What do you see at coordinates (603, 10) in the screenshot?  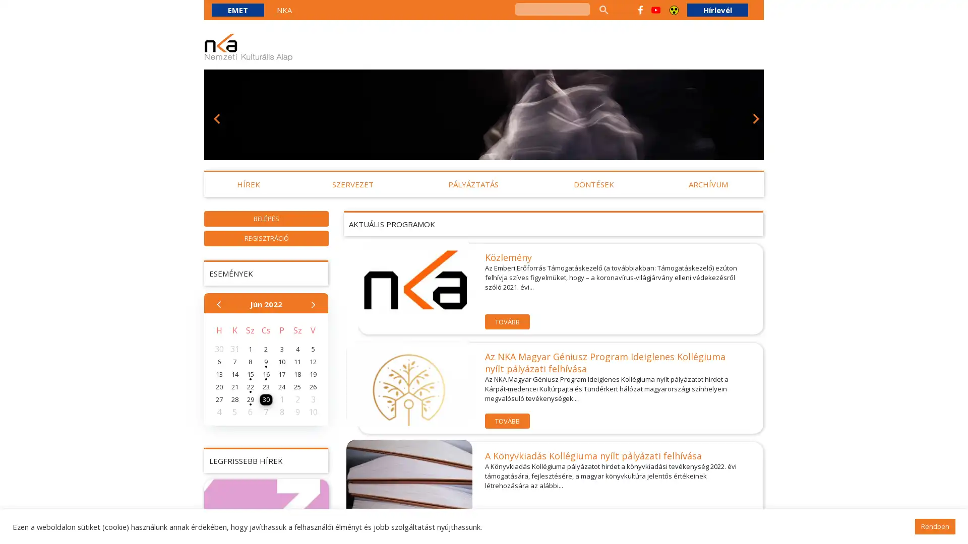 I see `kereses` at bounding box center [603, 10].